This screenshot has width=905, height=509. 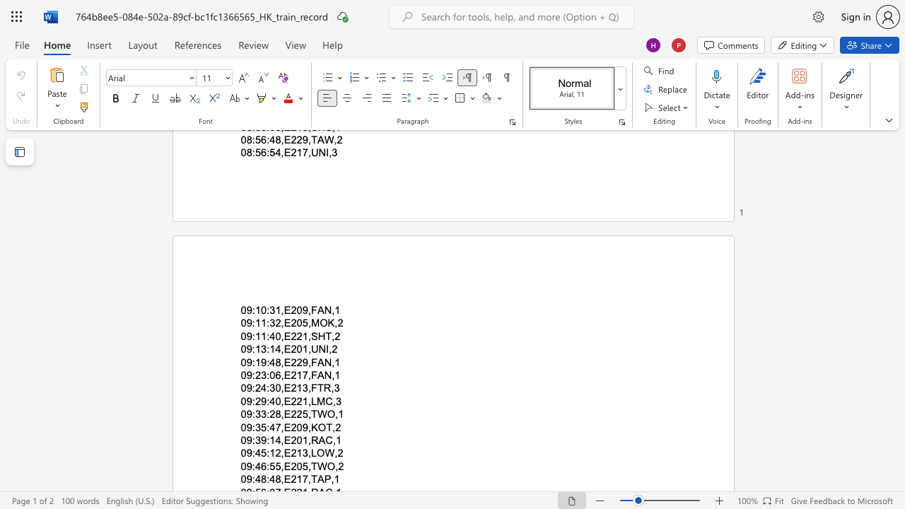 I want to click on the subset text "40,E221,SH" within the text "09:11:40,E221,SHT,2", so click(x=269, y=336).